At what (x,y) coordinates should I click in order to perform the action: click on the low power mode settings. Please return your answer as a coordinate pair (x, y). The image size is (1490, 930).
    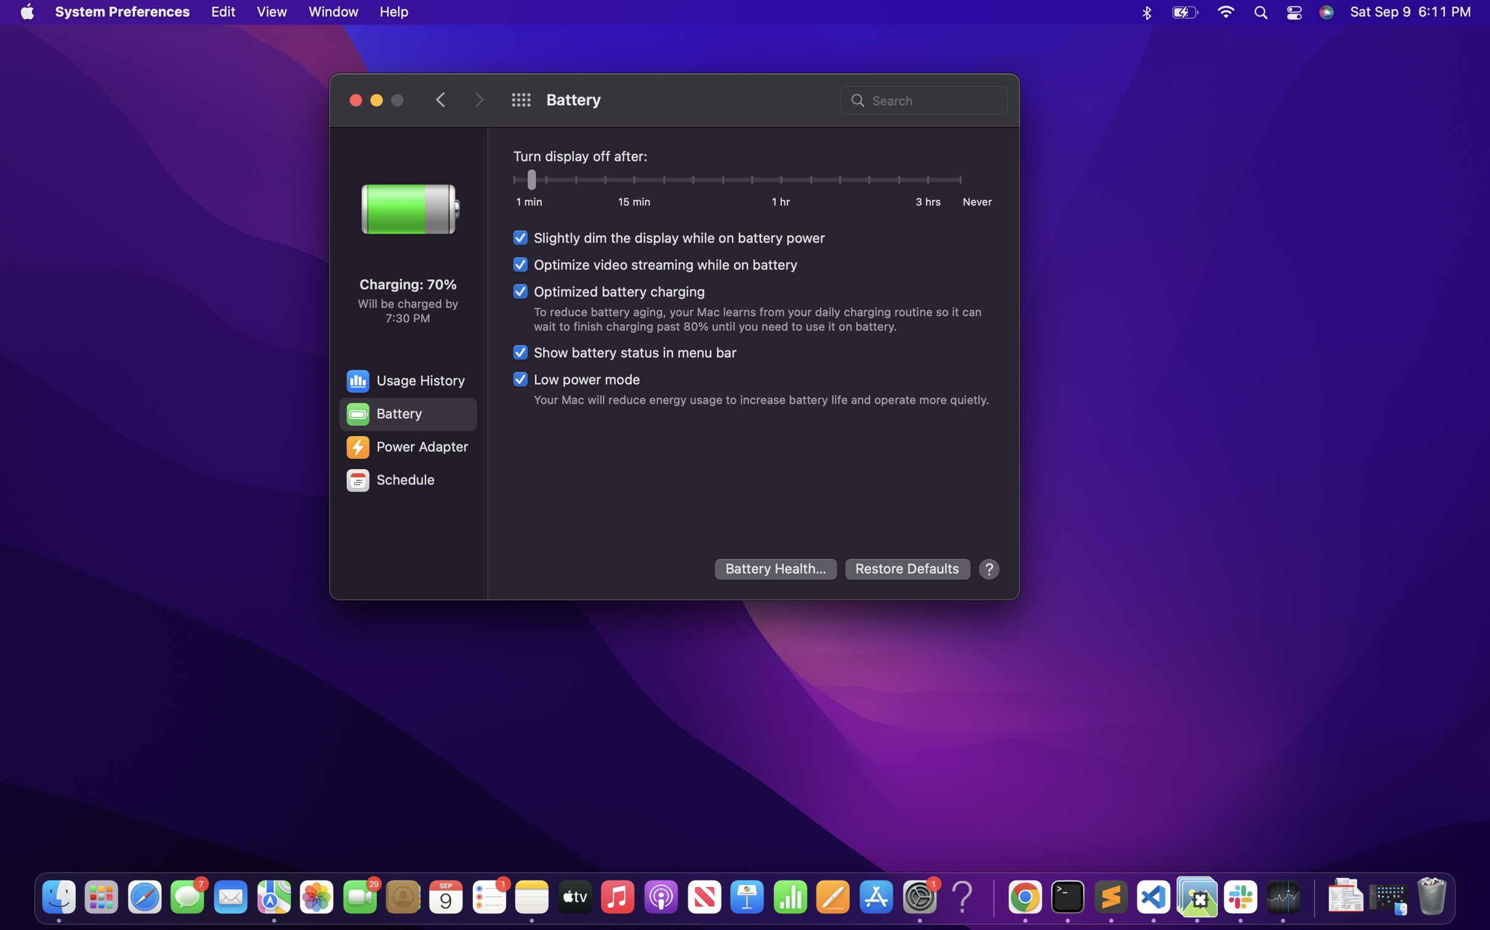
    Looking at the image, I should click on (576, 378).